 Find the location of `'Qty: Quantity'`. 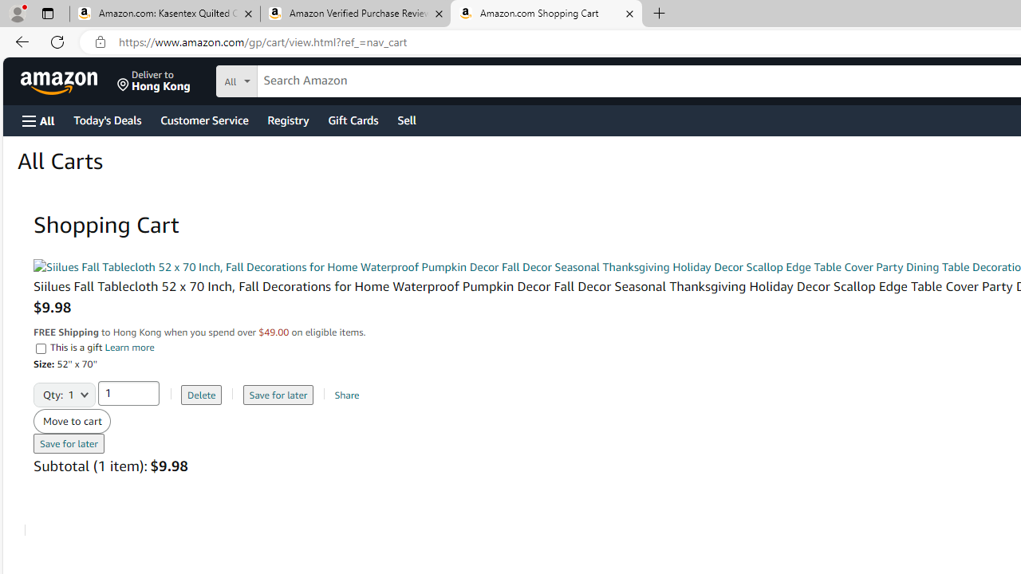

'Qty: Quantity' is located at coordinates (64, 389).